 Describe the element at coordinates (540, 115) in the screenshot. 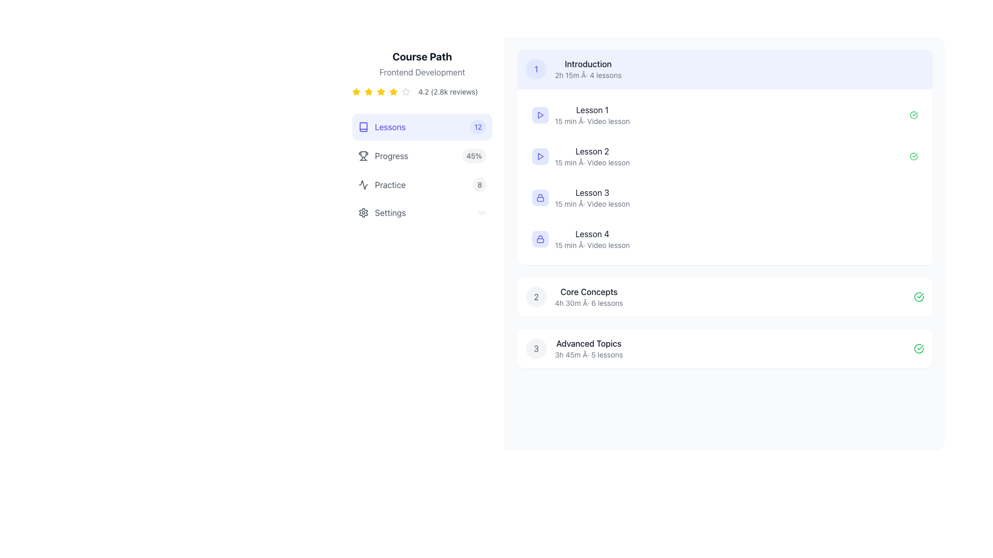

I see `the play icon located to the left of the text 'Lesson 1' in the 'Introduction' section` at that location.